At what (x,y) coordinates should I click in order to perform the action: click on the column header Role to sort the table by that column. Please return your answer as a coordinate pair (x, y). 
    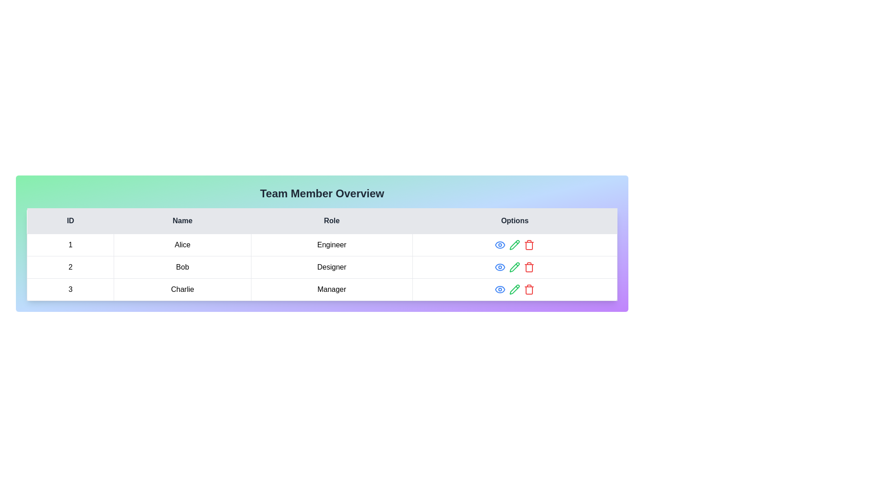
    Looking at the image, I should click on (331, 221).